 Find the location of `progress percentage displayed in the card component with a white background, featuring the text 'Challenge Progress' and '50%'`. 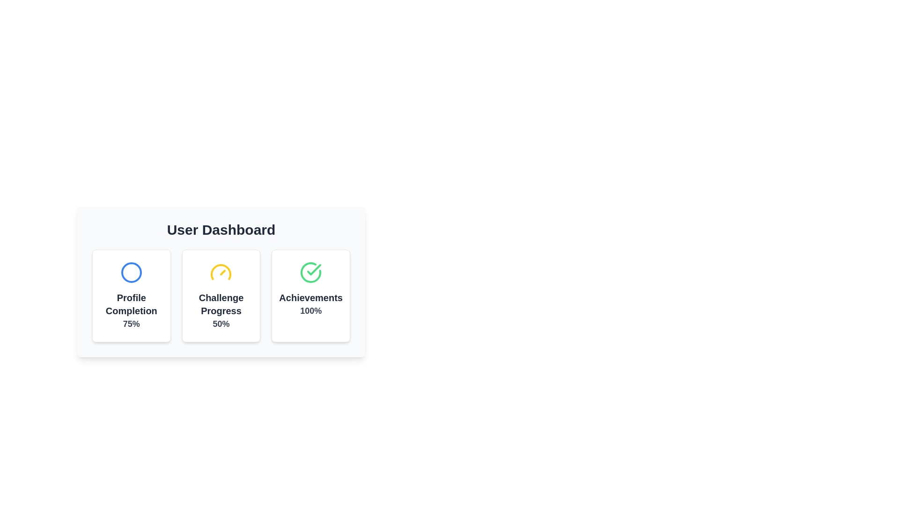

progress percentage displayed in the card component with a white background, featuring the text 'Challenge Progress' and '50%' is located at coordinates (221, 296).